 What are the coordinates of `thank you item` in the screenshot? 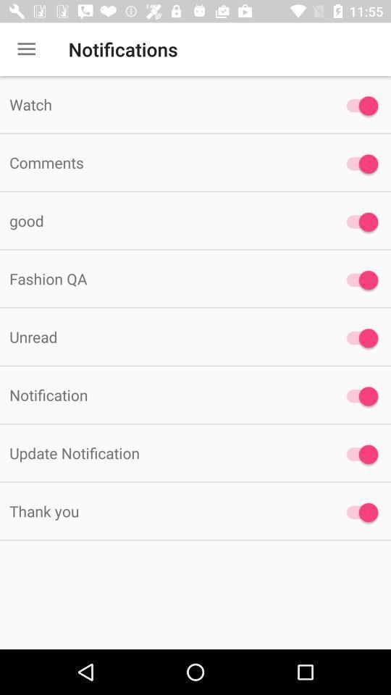 It's located at (162, 511).